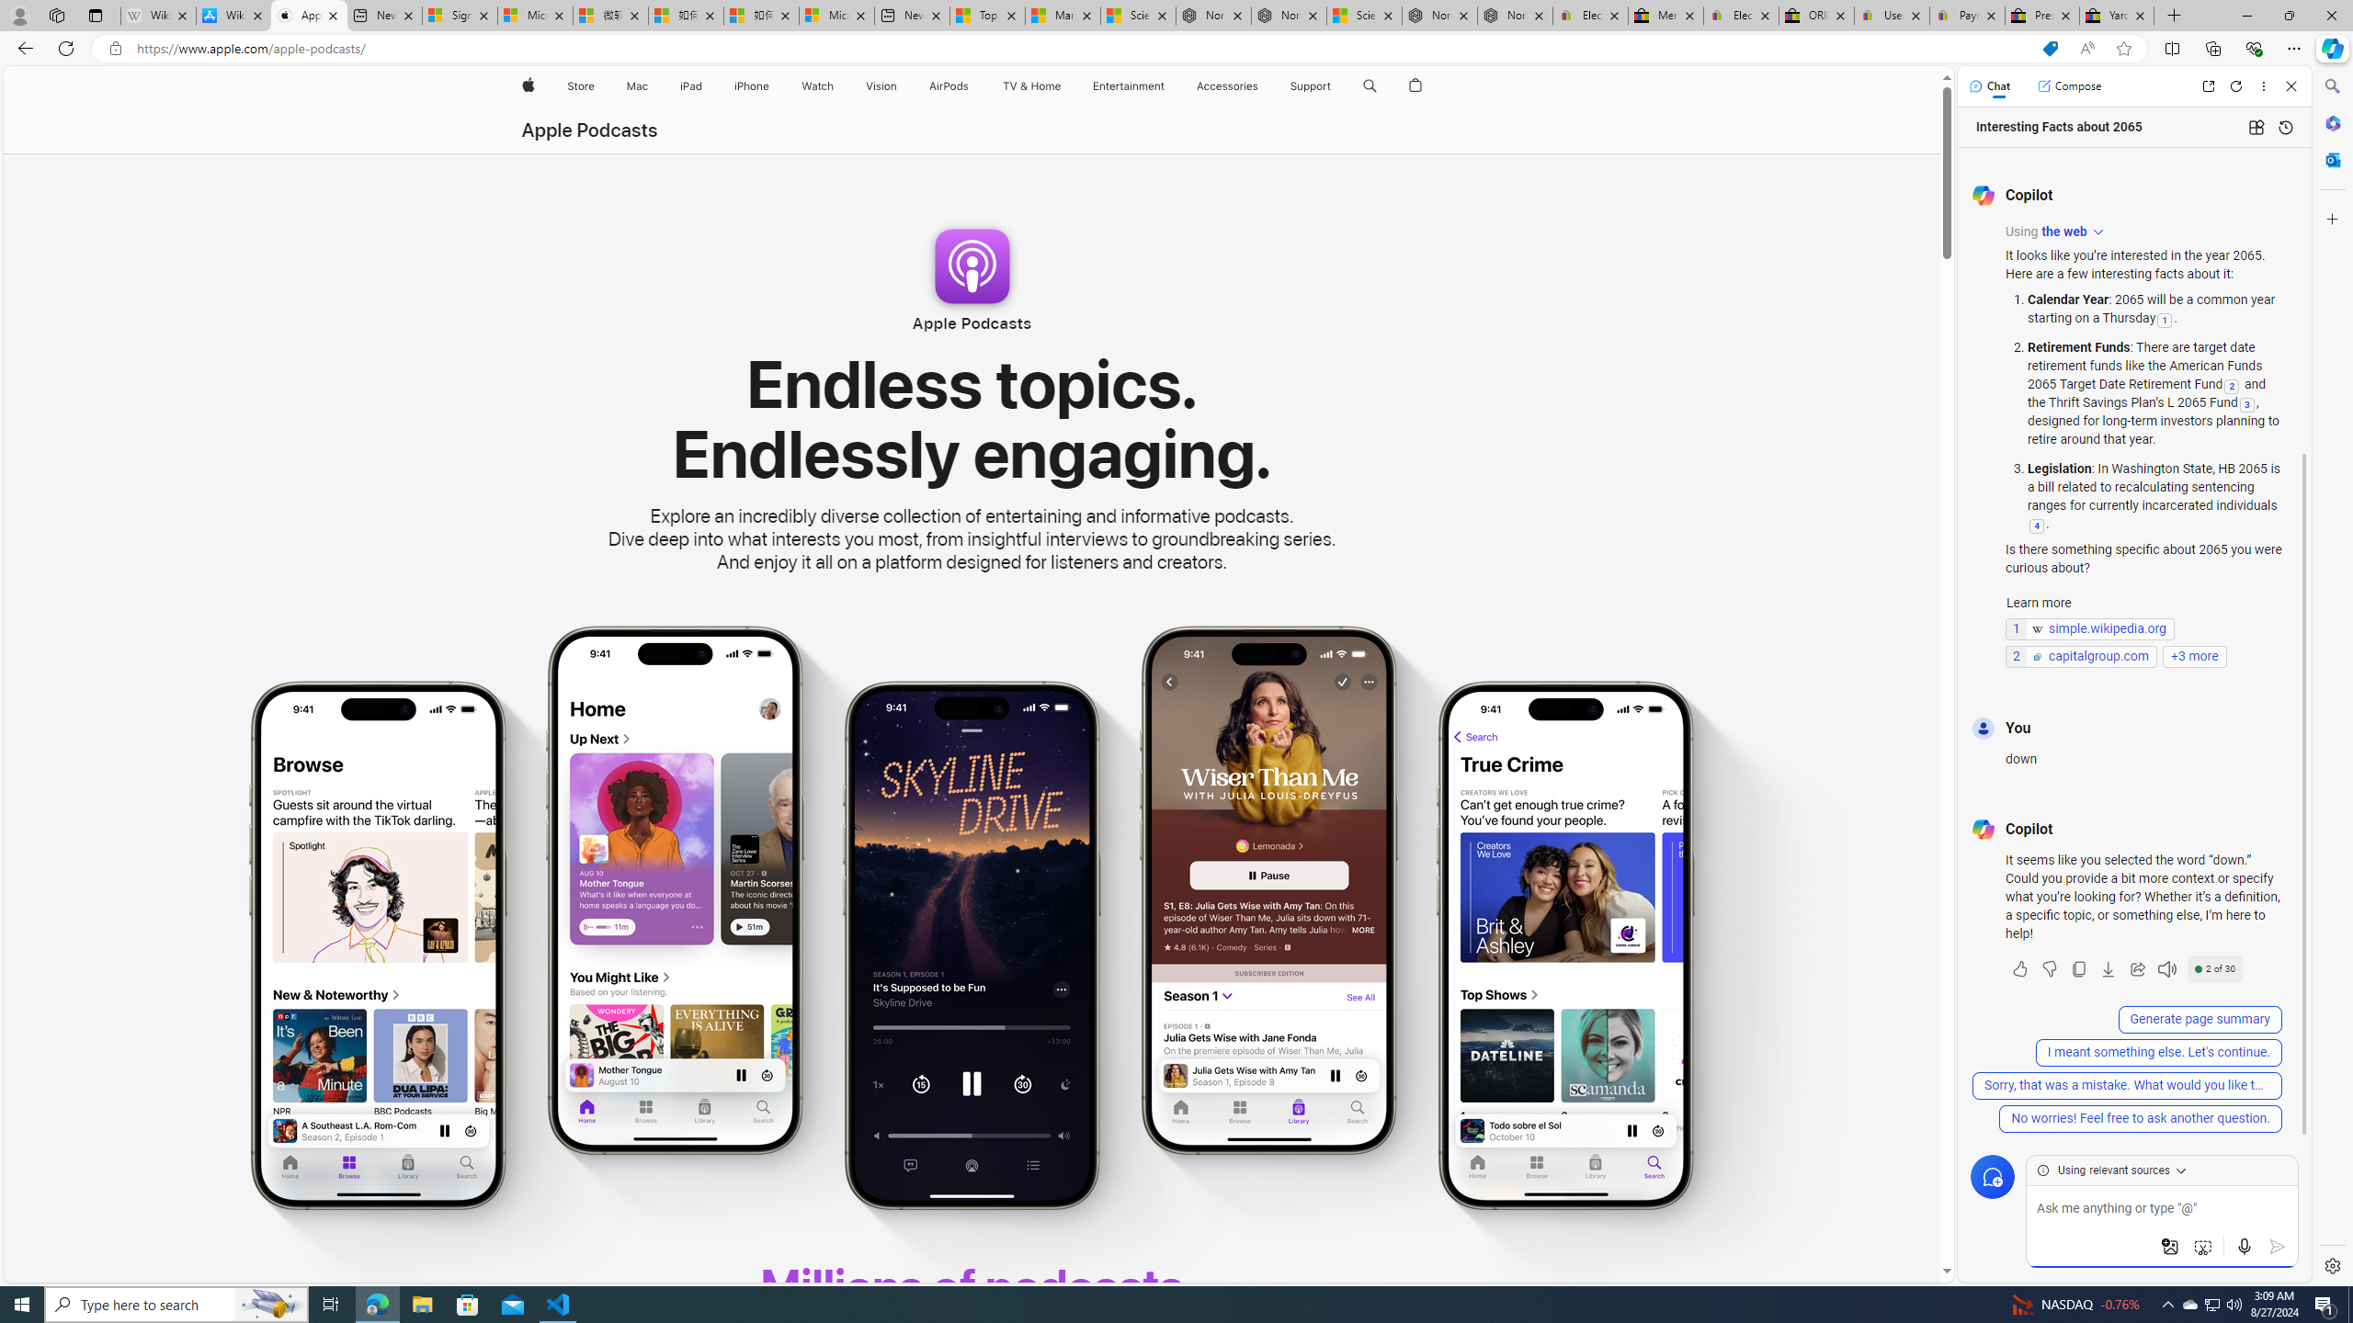 The image size is (2353, 1323). What do you see at coordinates (1030, 85) in the screenshot?
I see `'TV and Home'` at bounding box center [1030, 85].